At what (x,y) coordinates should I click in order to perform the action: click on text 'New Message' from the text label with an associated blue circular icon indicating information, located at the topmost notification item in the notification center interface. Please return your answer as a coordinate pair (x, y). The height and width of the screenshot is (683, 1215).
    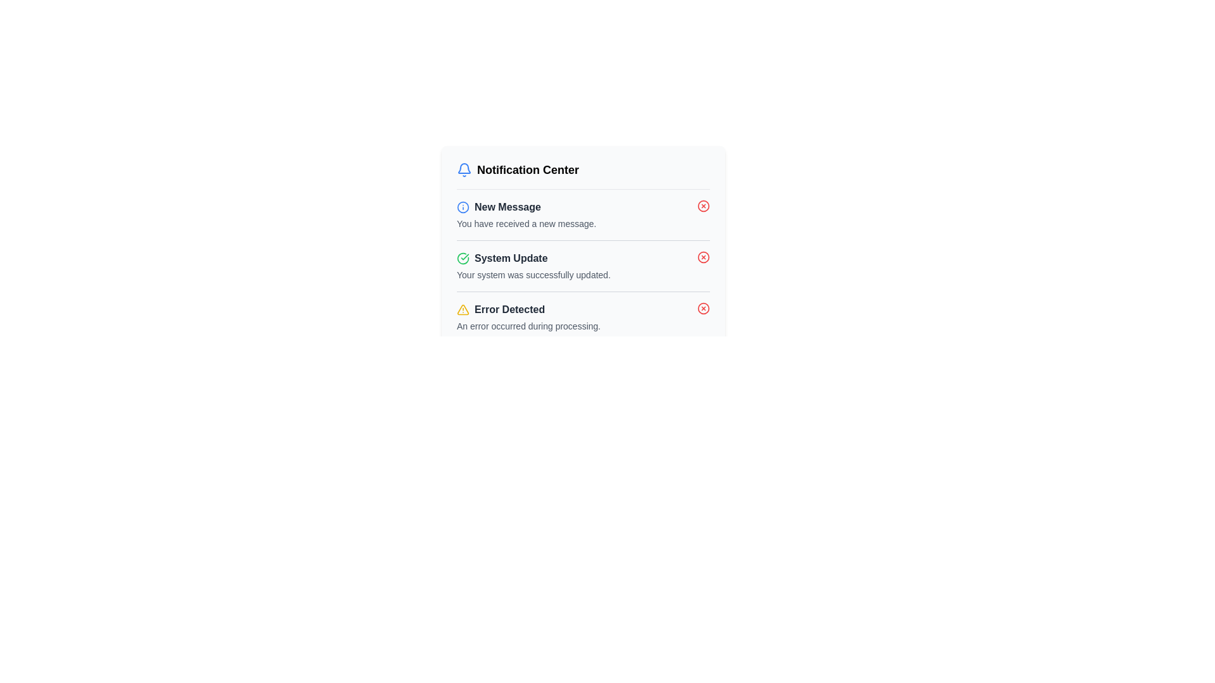
    Looking at the image, I should click on (526, 206).